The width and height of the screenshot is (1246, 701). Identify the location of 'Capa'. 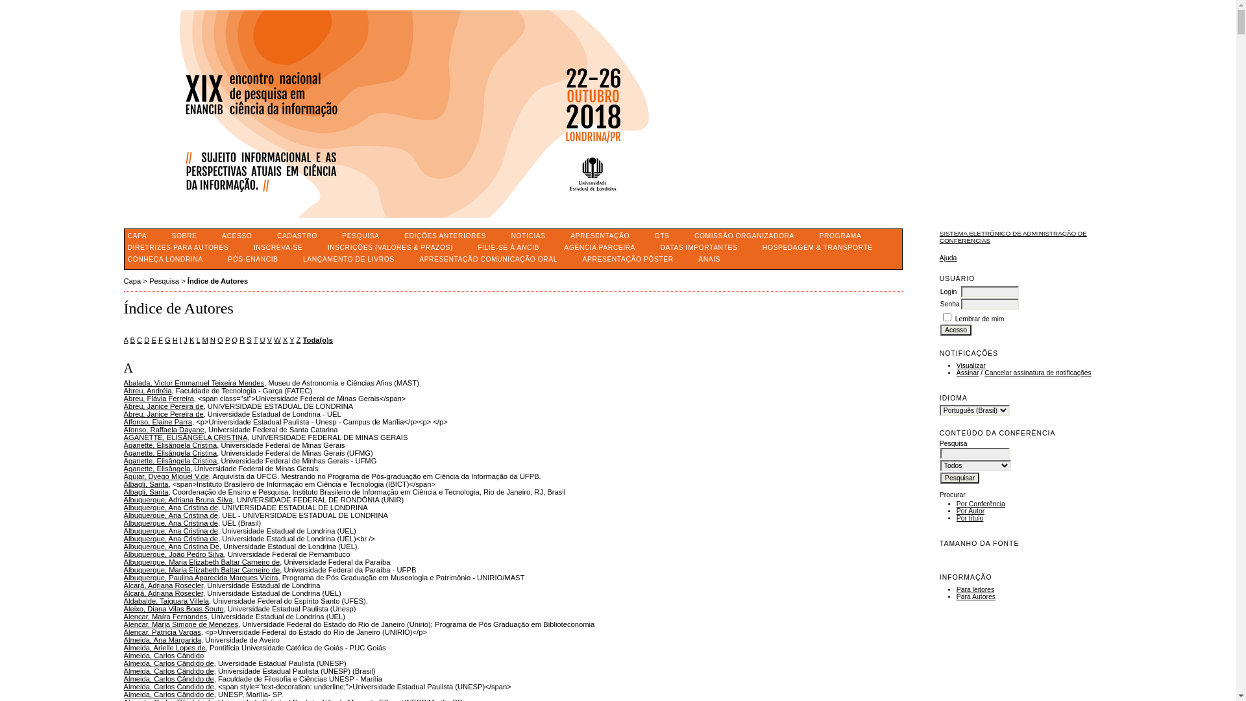
(132, 280).